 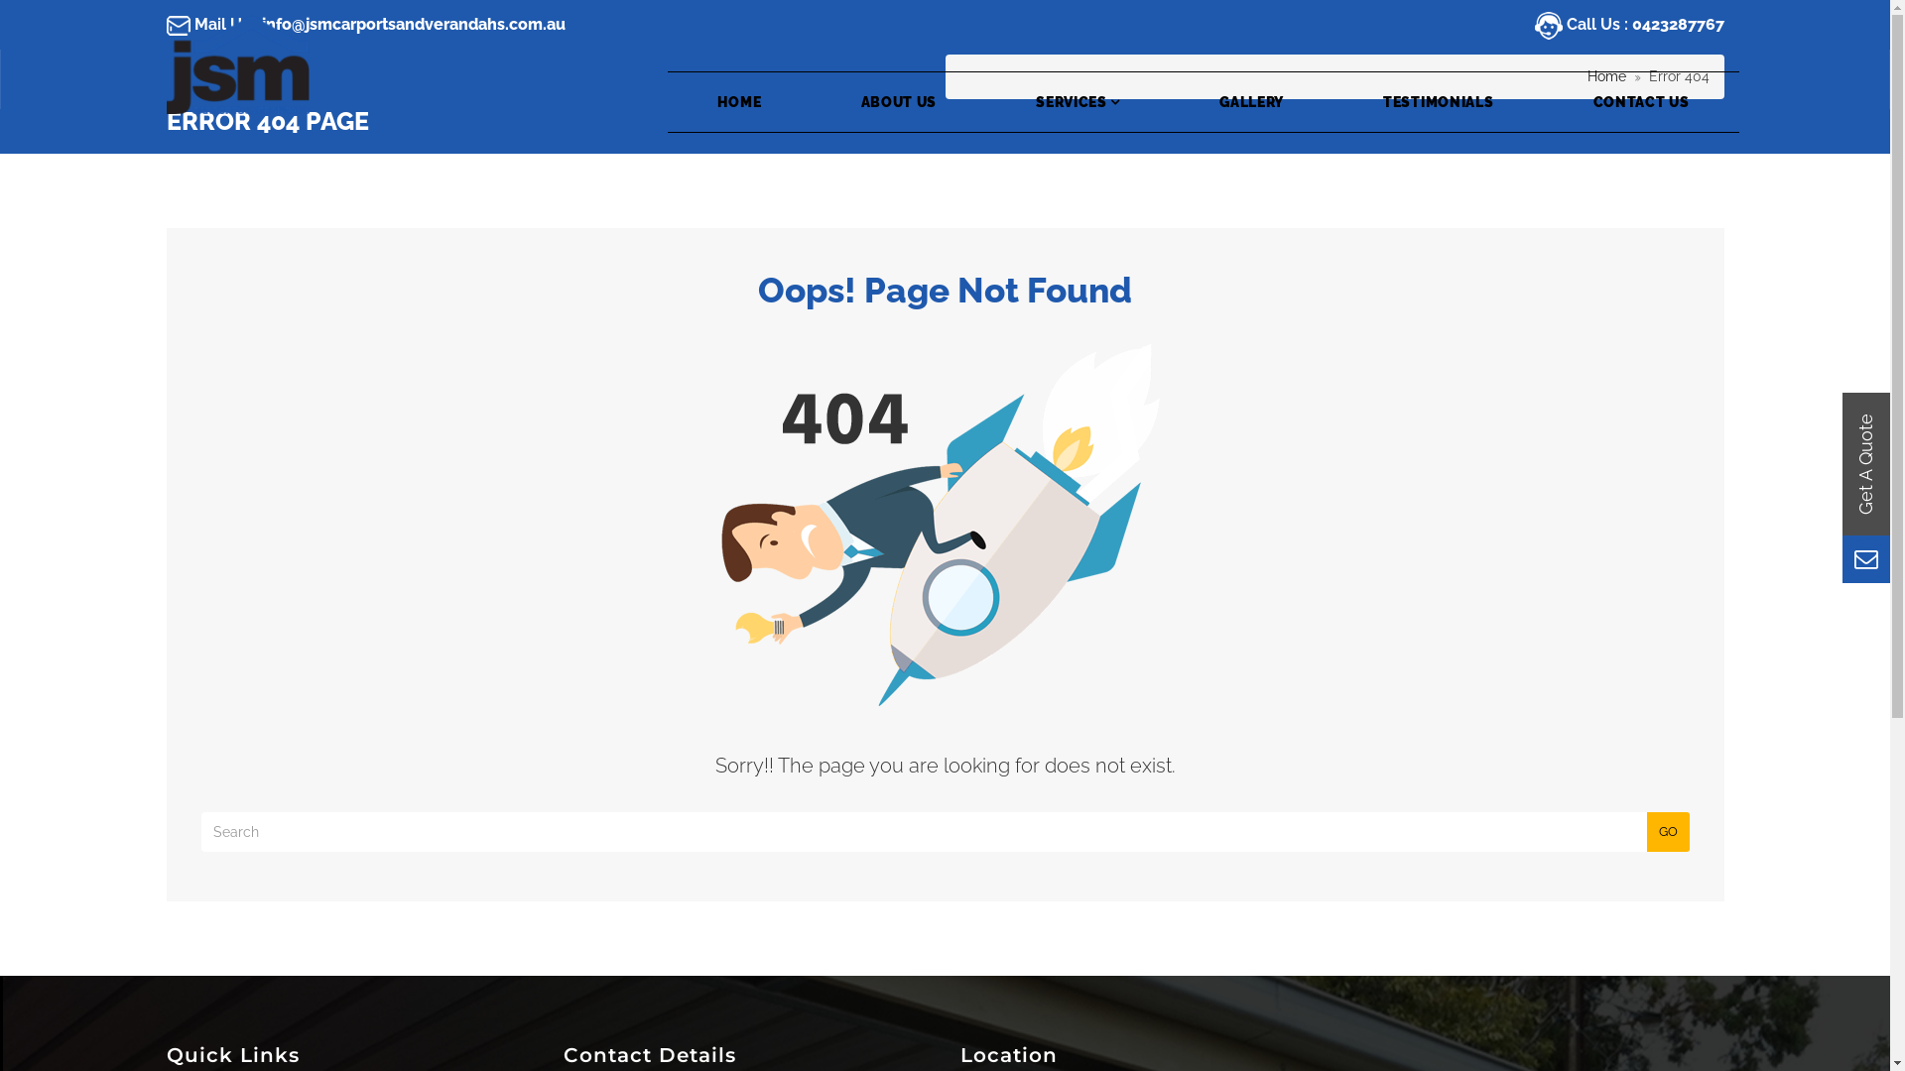 I want to click on '0423287767', so click(x=1676, y=24).